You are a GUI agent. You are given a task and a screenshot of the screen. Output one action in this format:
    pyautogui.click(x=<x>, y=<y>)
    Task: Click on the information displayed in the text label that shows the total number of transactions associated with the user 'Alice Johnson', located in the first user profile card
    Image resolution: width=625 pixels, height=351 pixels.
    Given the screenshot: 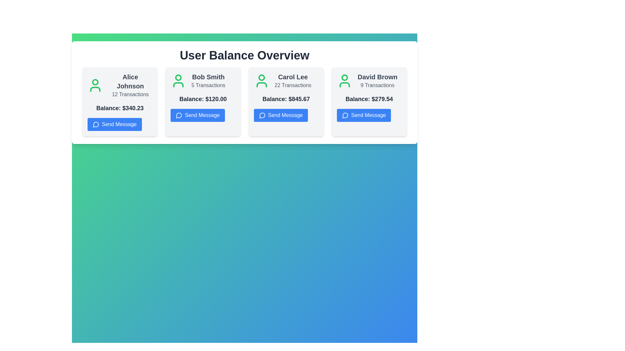 What is the action you would take?
    pyautogui.click(x=130, y=94)
    